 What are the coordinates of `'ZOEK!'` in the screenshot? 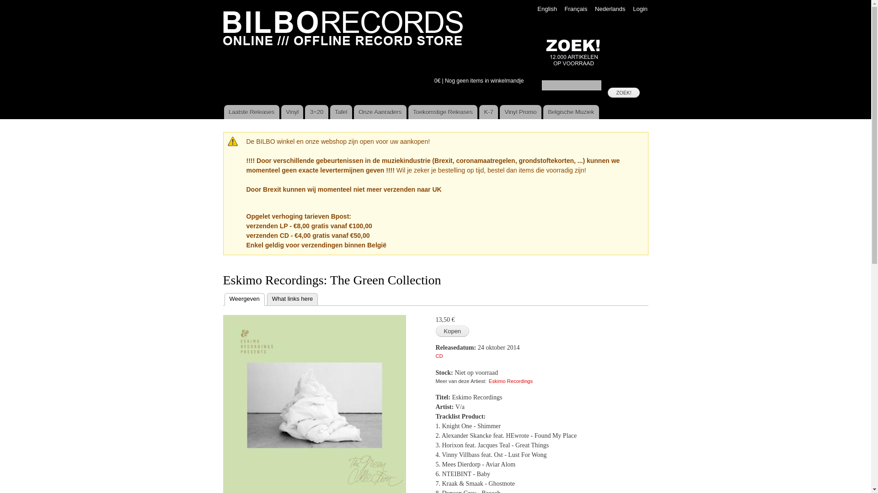 It's located at (608, 93).